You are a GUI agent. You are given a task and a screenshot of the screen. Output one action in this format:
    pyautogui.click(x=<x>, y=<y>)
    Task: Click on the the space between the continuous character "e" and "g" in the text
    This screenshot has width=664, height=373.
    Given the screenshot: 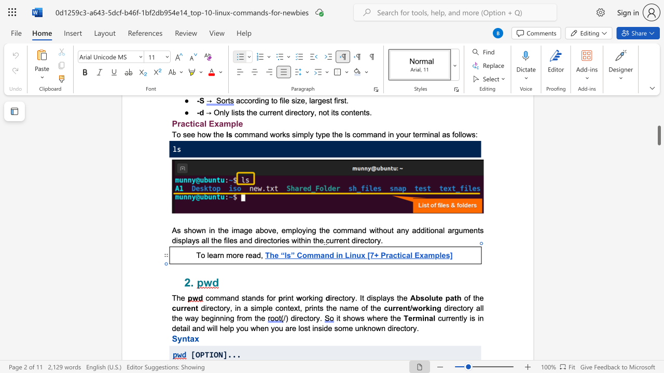 What is the action you would take?
    pyautogui.click(x=209, y=318)
    